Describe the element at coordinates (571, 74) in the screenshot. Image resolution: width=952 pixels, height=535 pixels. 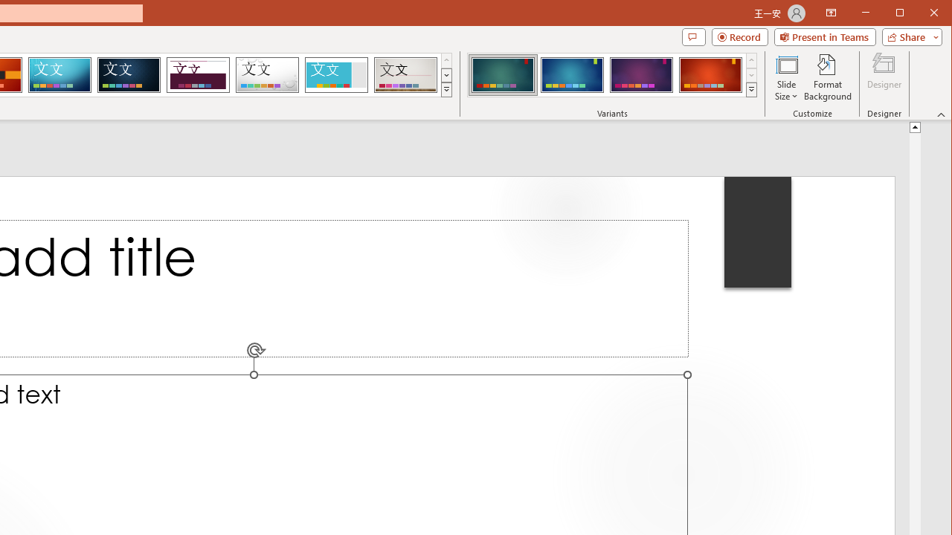
I see `'Ion Variant 2'` at that location.